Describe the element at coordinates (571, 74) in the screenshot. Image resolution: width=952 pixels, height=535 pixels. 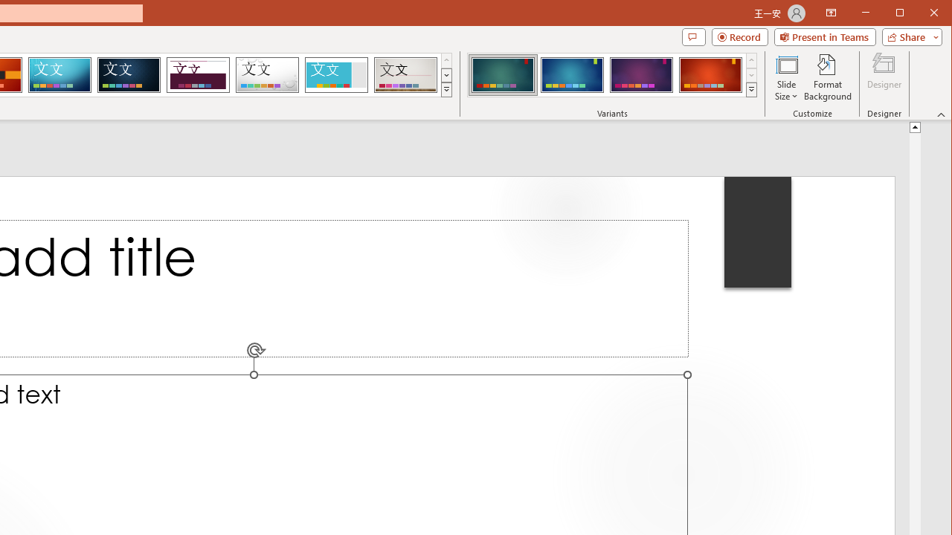
I see `'Ion Variant 2'` at that location.